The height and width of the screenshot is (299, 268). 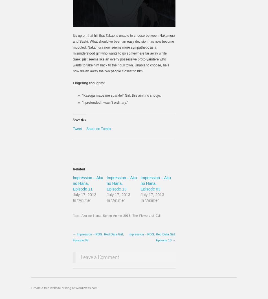 I want to click on 'Aku no Hana', so click(x=90, y=216).